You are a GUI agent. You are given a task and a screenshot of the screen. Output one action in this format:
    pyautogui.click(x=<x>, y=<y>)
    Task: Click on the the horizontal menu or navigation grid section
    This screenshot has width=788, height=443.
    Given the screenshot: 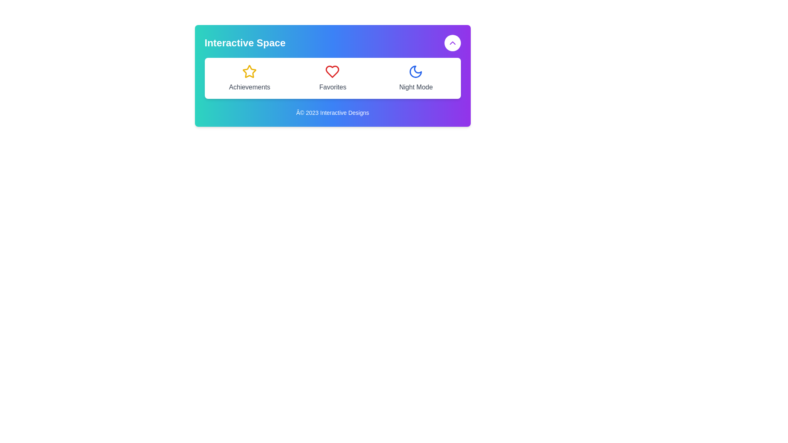 What is the action you would take?
    pyautogui.click(x=332, y=78)
    